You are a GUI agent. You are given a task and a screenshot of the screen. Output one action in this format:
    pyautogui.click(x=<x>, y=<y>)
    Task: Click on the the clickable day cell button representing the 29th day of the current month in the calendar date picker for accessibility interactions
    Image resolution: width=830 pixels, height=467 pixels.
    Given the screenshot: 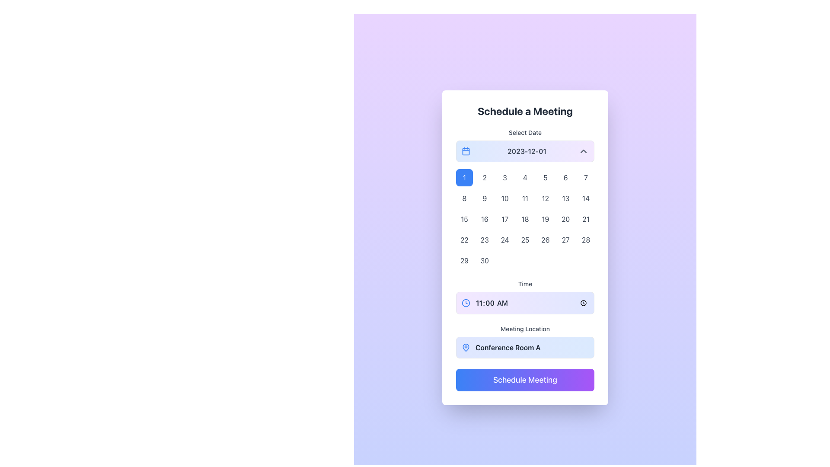 What is the action you would take?
    pyautogui.click(x=464, y=260)
    